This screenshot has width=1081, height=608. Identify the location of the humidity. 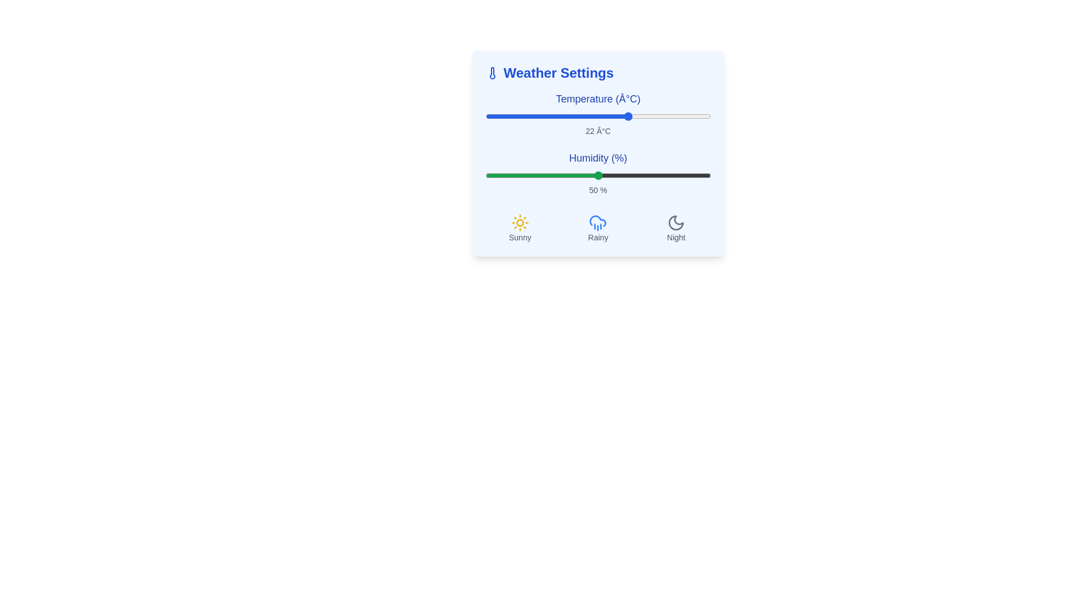
(553, 176).